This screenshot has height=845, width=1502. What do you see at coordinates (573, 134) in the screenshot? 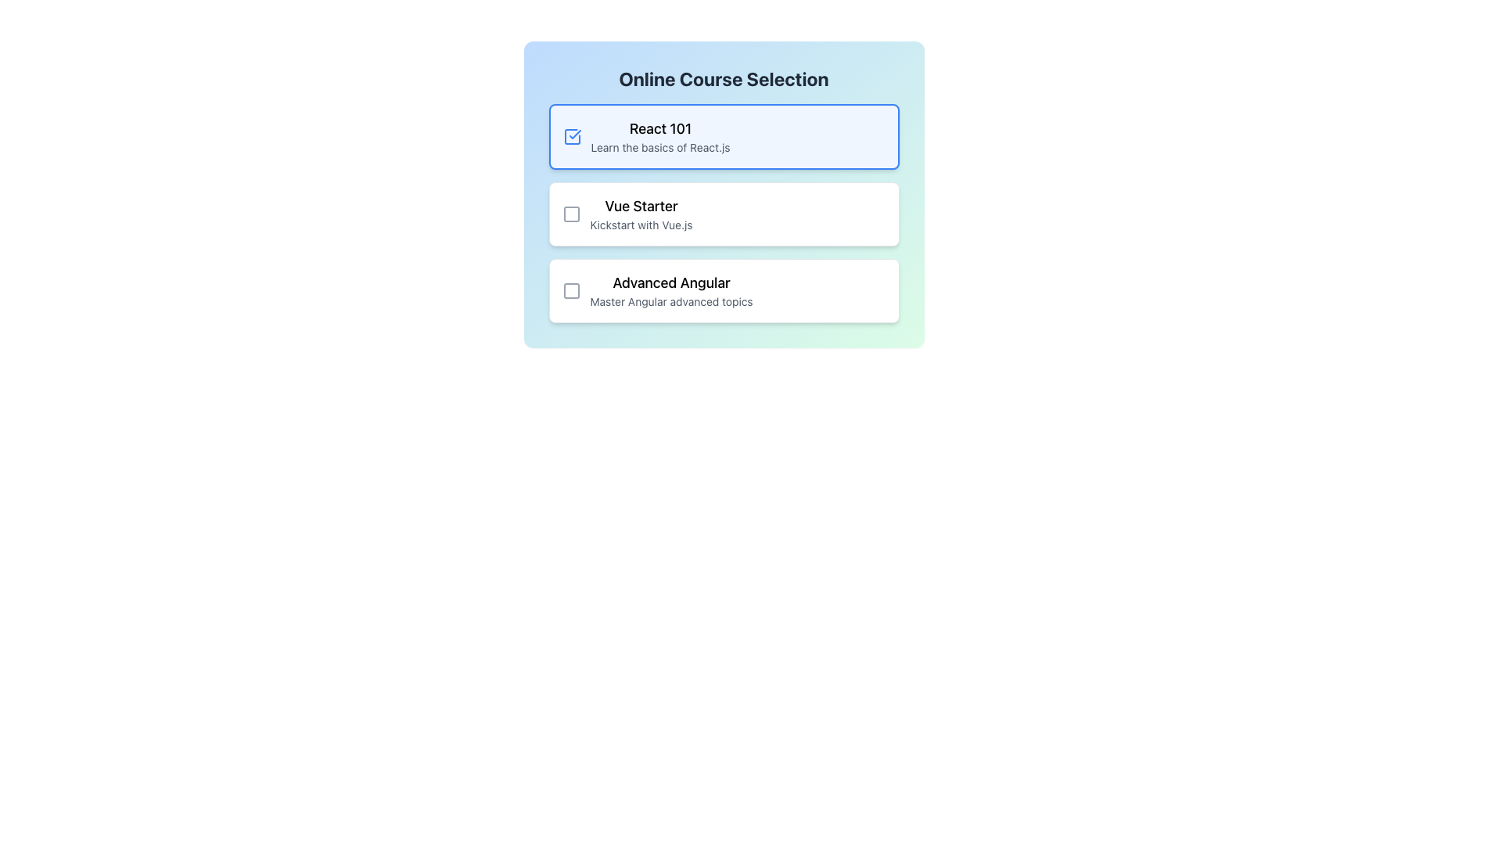
I see `the checkmark icon that signifies the selection of the 'React 101' course, located to the left of the course name in a blue-outlined rectangle` at bounding box center [573, 134].